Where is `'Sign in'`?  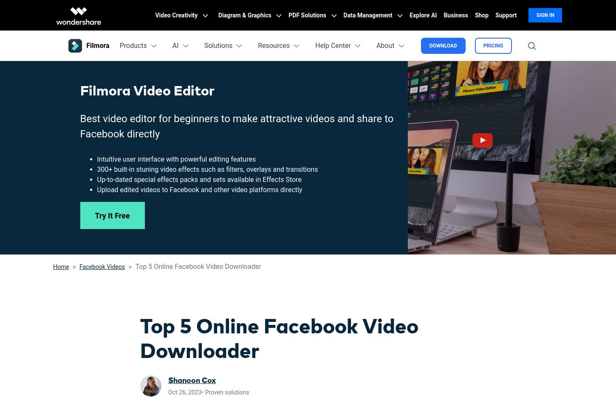
'Sign in' is located at coordinates (545, 15).